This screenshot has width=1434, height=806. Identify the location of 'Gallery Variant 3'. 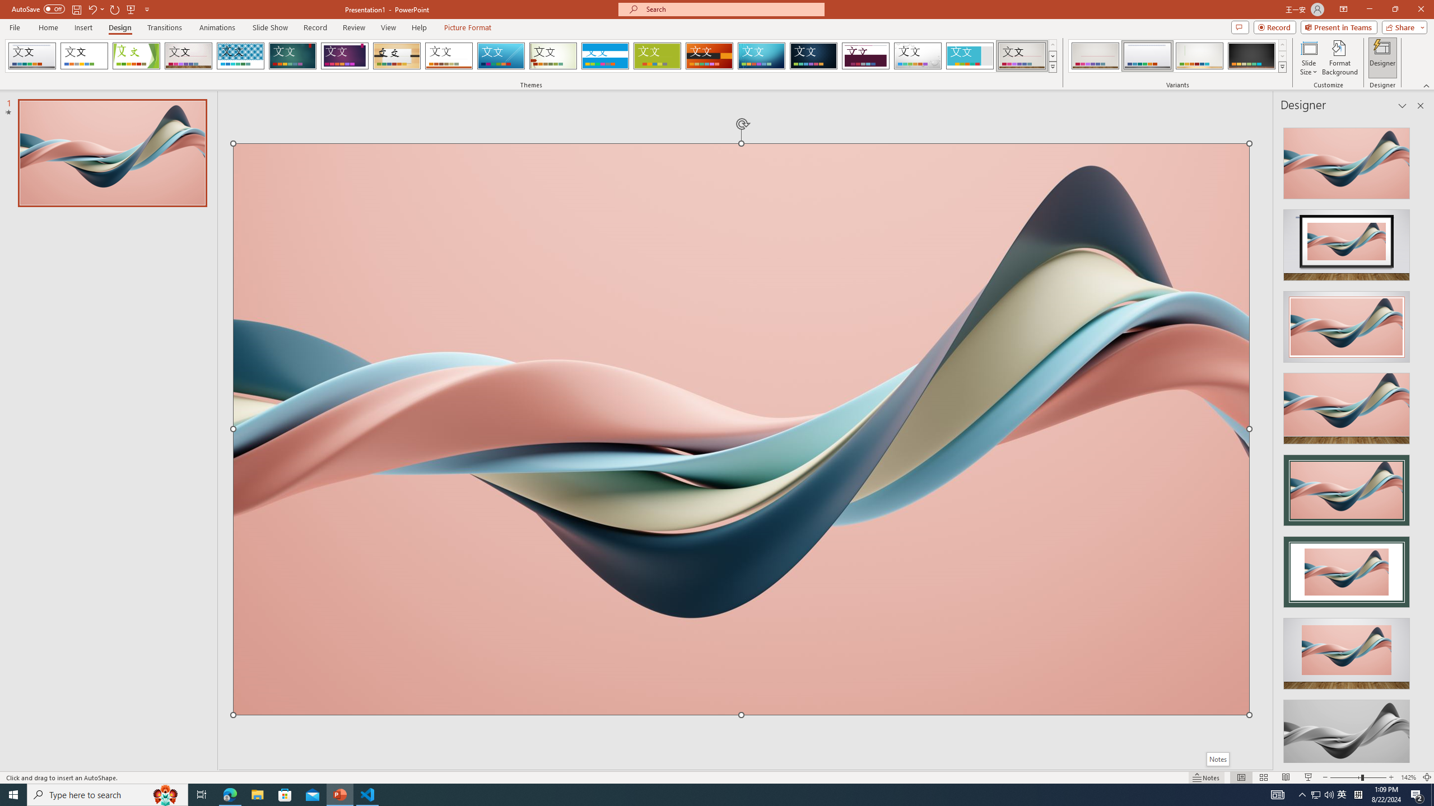
(1199, 55).